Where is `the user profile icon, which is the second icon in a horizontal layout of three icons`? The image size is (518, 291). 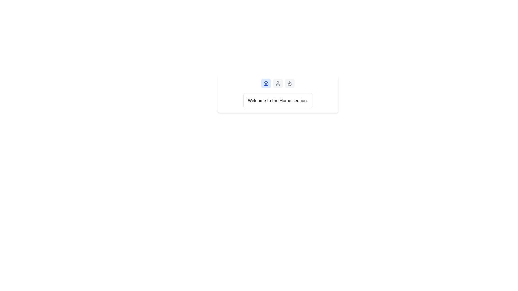 the user profile icon, which is the second icon in a horizontal layout of three icons is located at coordinates (278, 83).